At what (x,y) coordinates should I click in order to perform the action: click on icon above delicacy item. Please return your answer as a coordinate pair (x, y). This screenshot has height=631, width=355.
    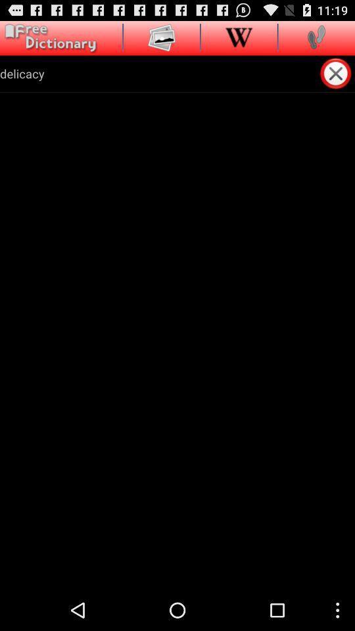
    Looking at the image, I should click on (162, 36).